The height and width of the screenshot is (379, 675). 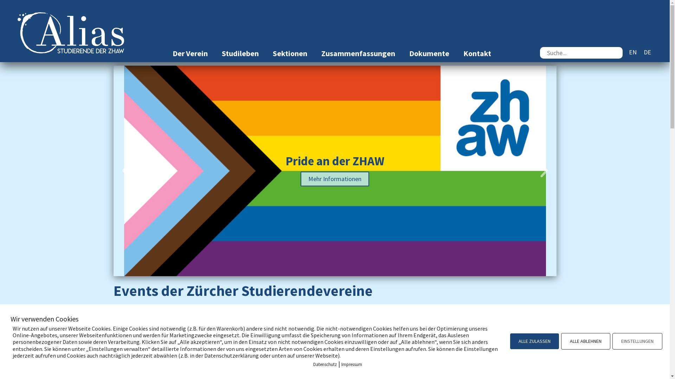 I want to click on 'EN', so click(x=633, y=52).